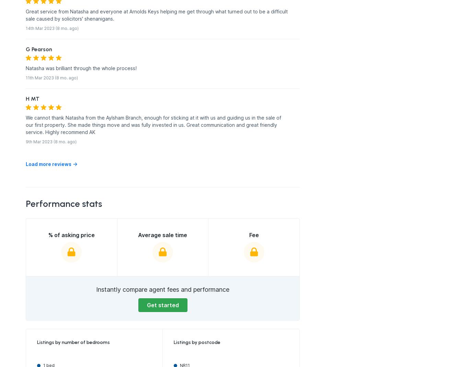 The width and height of the screenshot is (469, 367). I want to click on 'sale caused by solicitors' shenanigans.', so click(69, 18).